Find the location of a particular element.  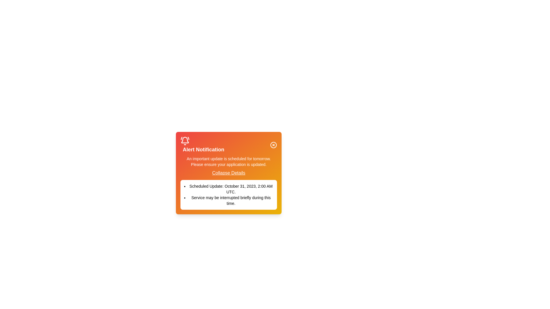

the list item Scheduled Update: October 31, 2023, 2:00 AM UTC. to inspect its details is located at coordinates (228, 189).